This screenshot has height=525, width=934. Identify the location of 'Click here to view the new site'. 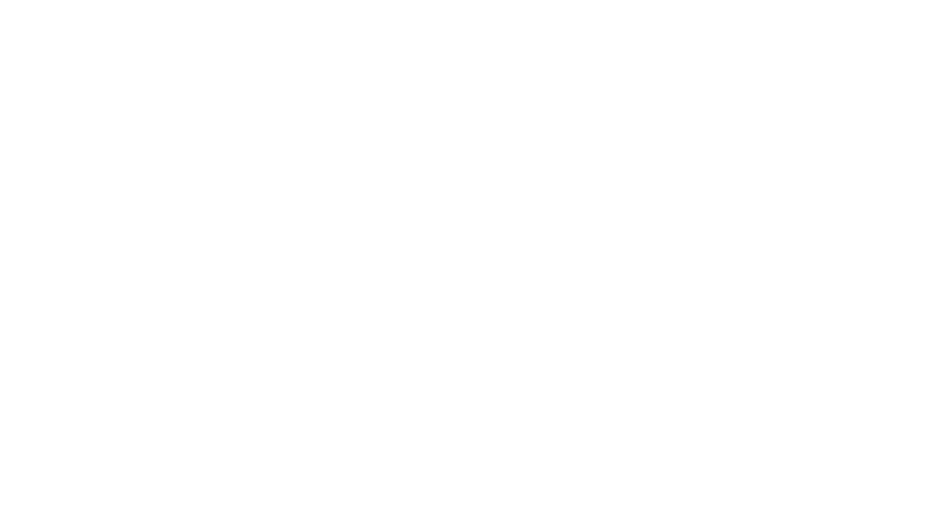
(467, 267).